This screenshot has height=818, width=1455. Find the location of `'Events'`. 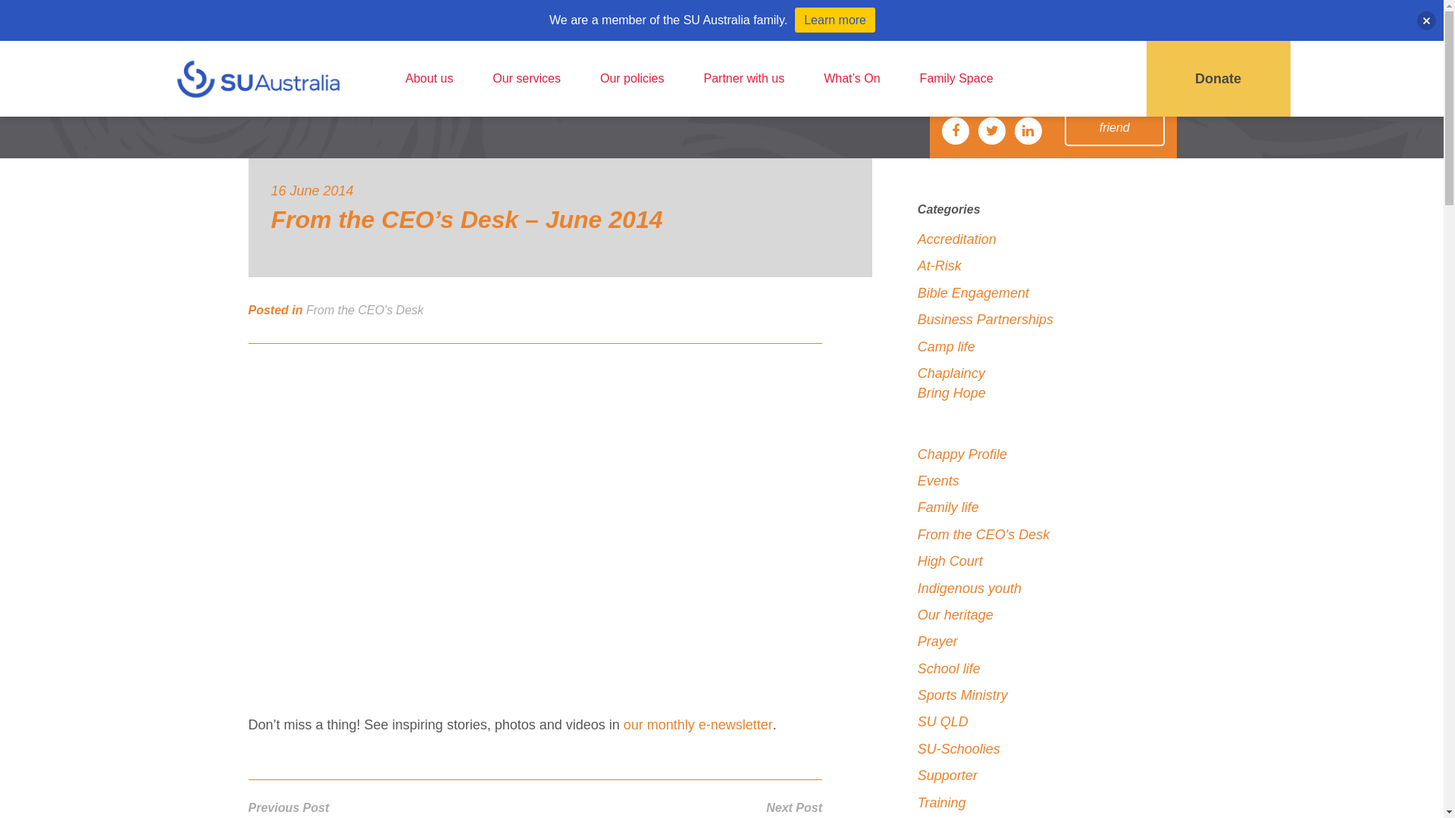

'Events' is located at coordinates (937, 481).